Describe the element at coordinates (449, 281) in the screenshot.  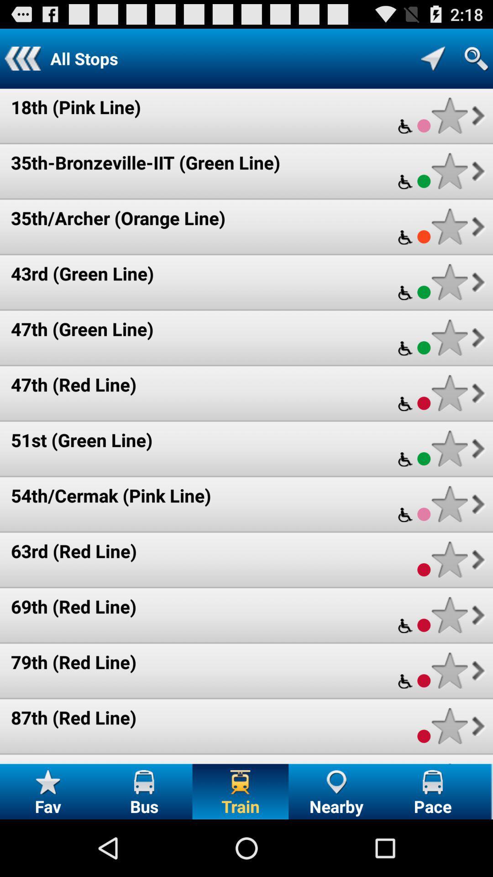
I see `rate your experience` at that location.